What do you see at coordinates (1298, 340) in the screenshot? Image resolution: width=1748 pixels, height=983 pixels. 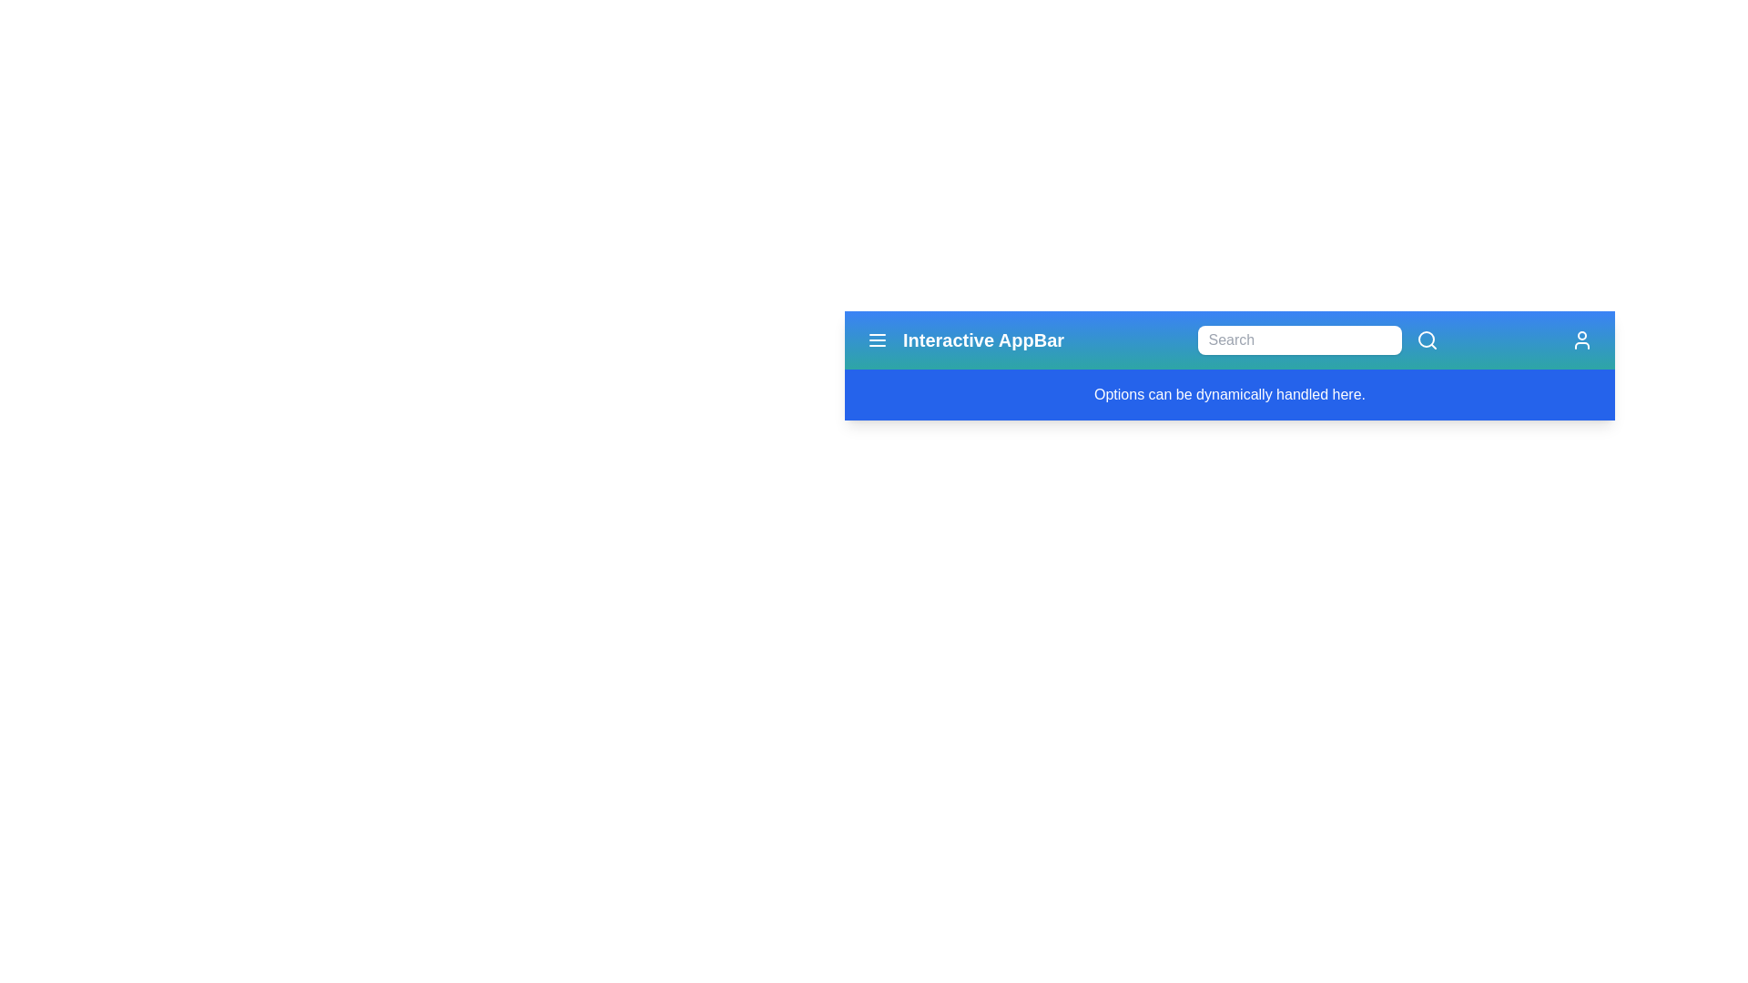 I see `the search bar and type the desired text` at bounding box center [1298, 340].